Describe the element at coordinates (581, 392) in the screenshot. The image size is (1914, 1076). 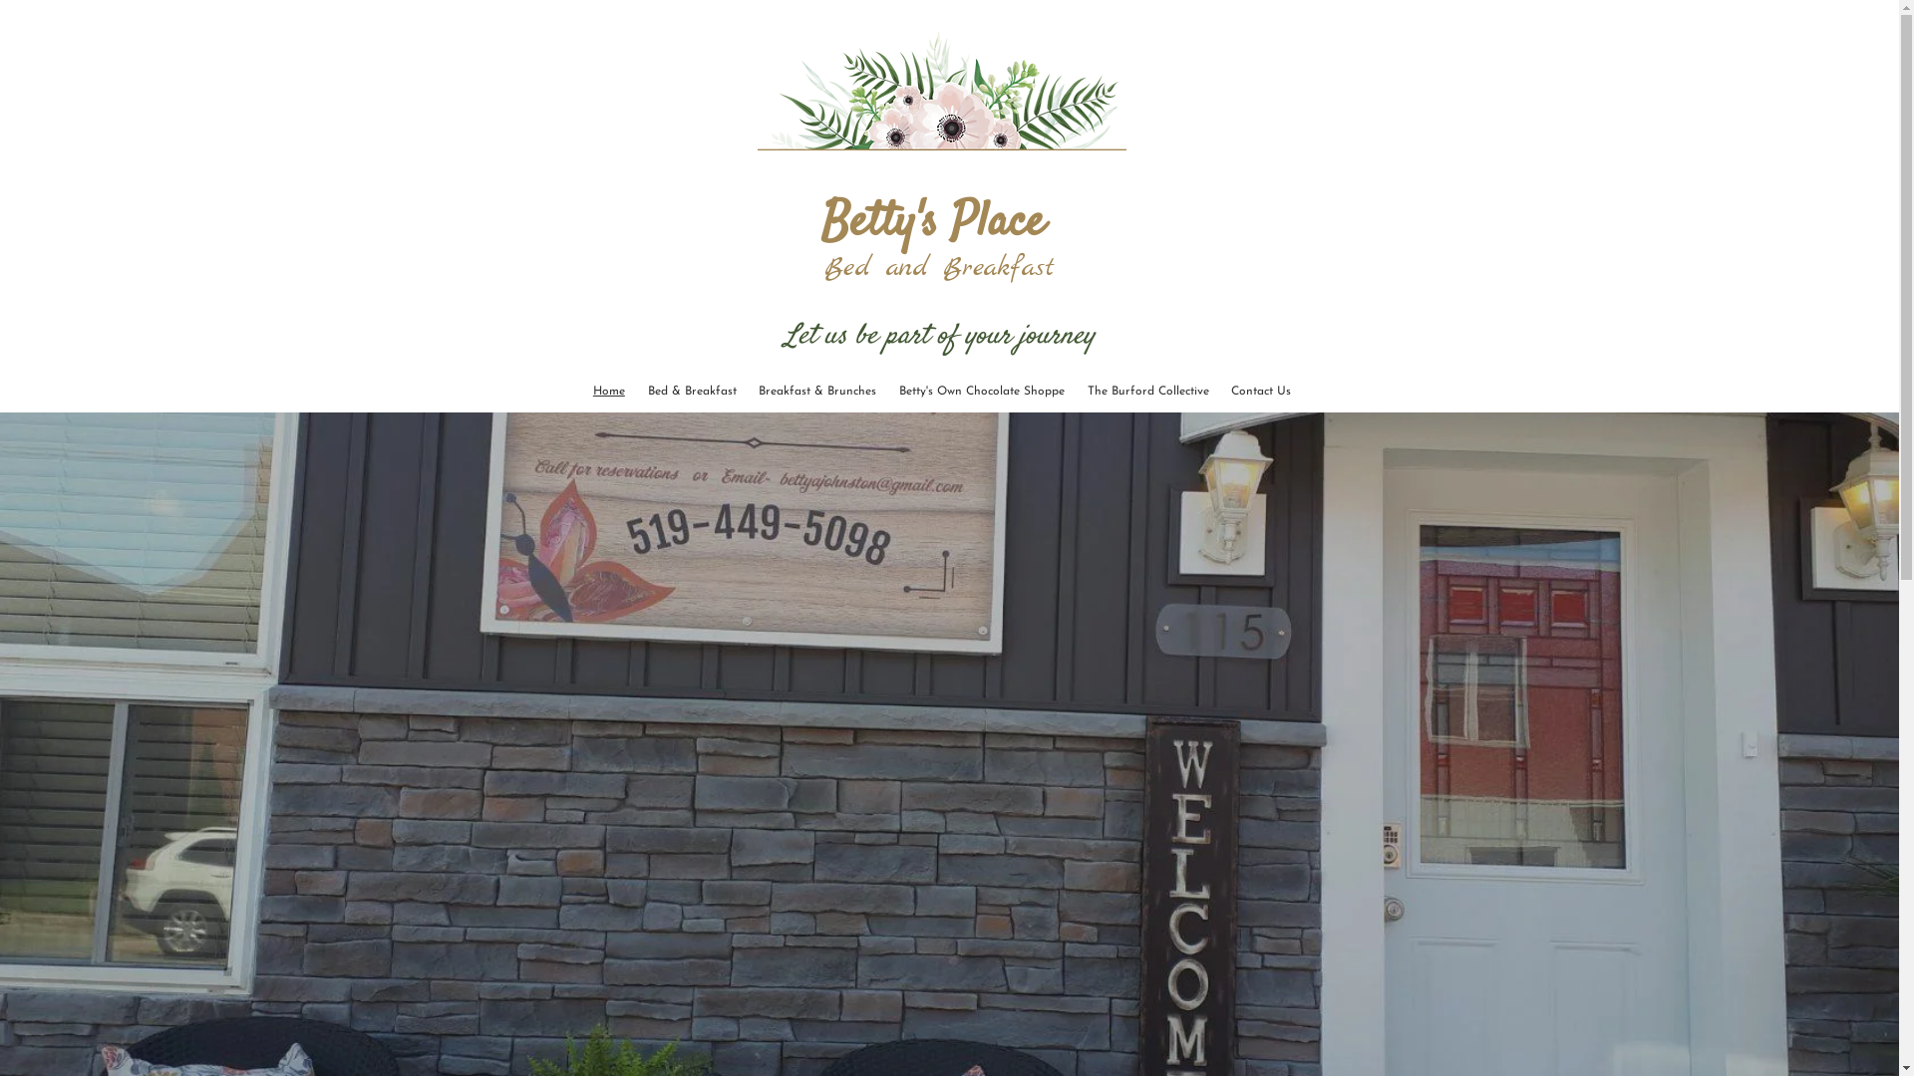
I see `'Home'` at that location.